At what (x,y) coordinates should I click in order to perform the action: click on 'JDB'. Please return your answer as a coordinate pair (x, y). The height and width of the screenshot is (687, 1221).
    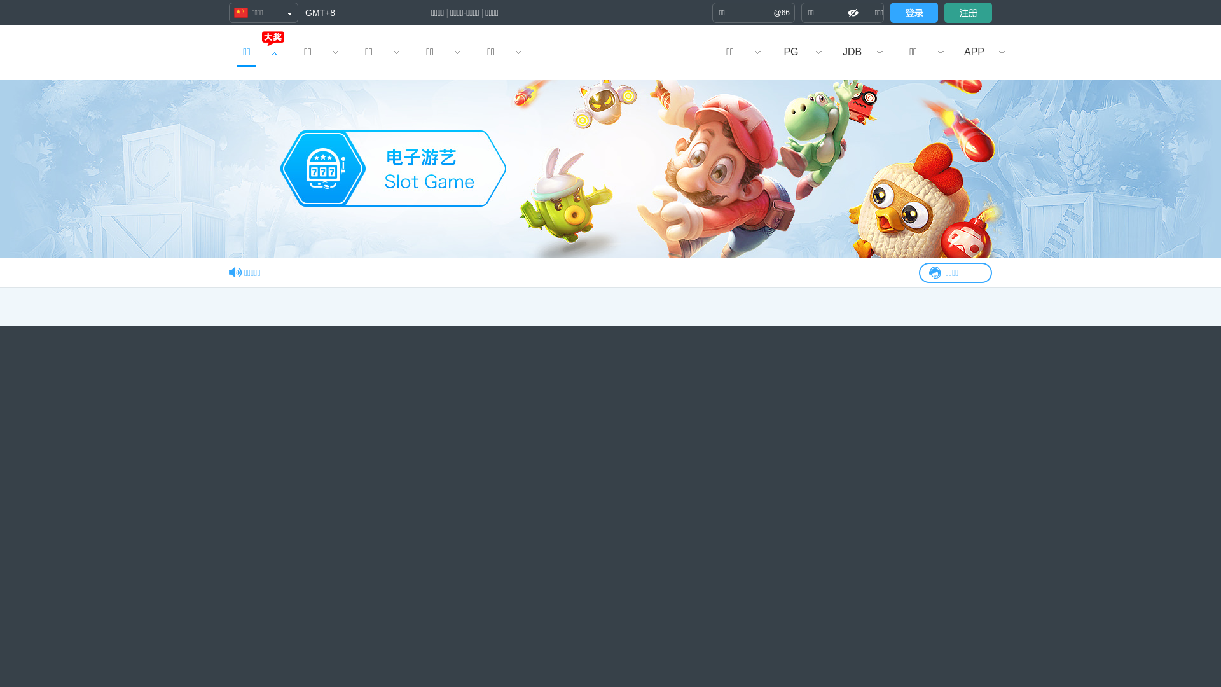
    Looking at the image, I should click on (821, 52).